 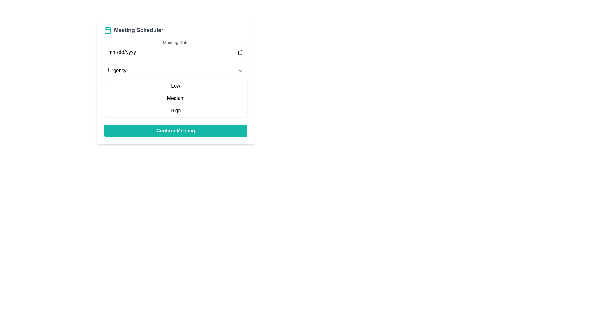 What do you see at coordinates (175, 49) in the screenshot?
I see `a date in the Date input field below the 'Meeting Date' label using the calendar picker` at bounding box center [175, 49].